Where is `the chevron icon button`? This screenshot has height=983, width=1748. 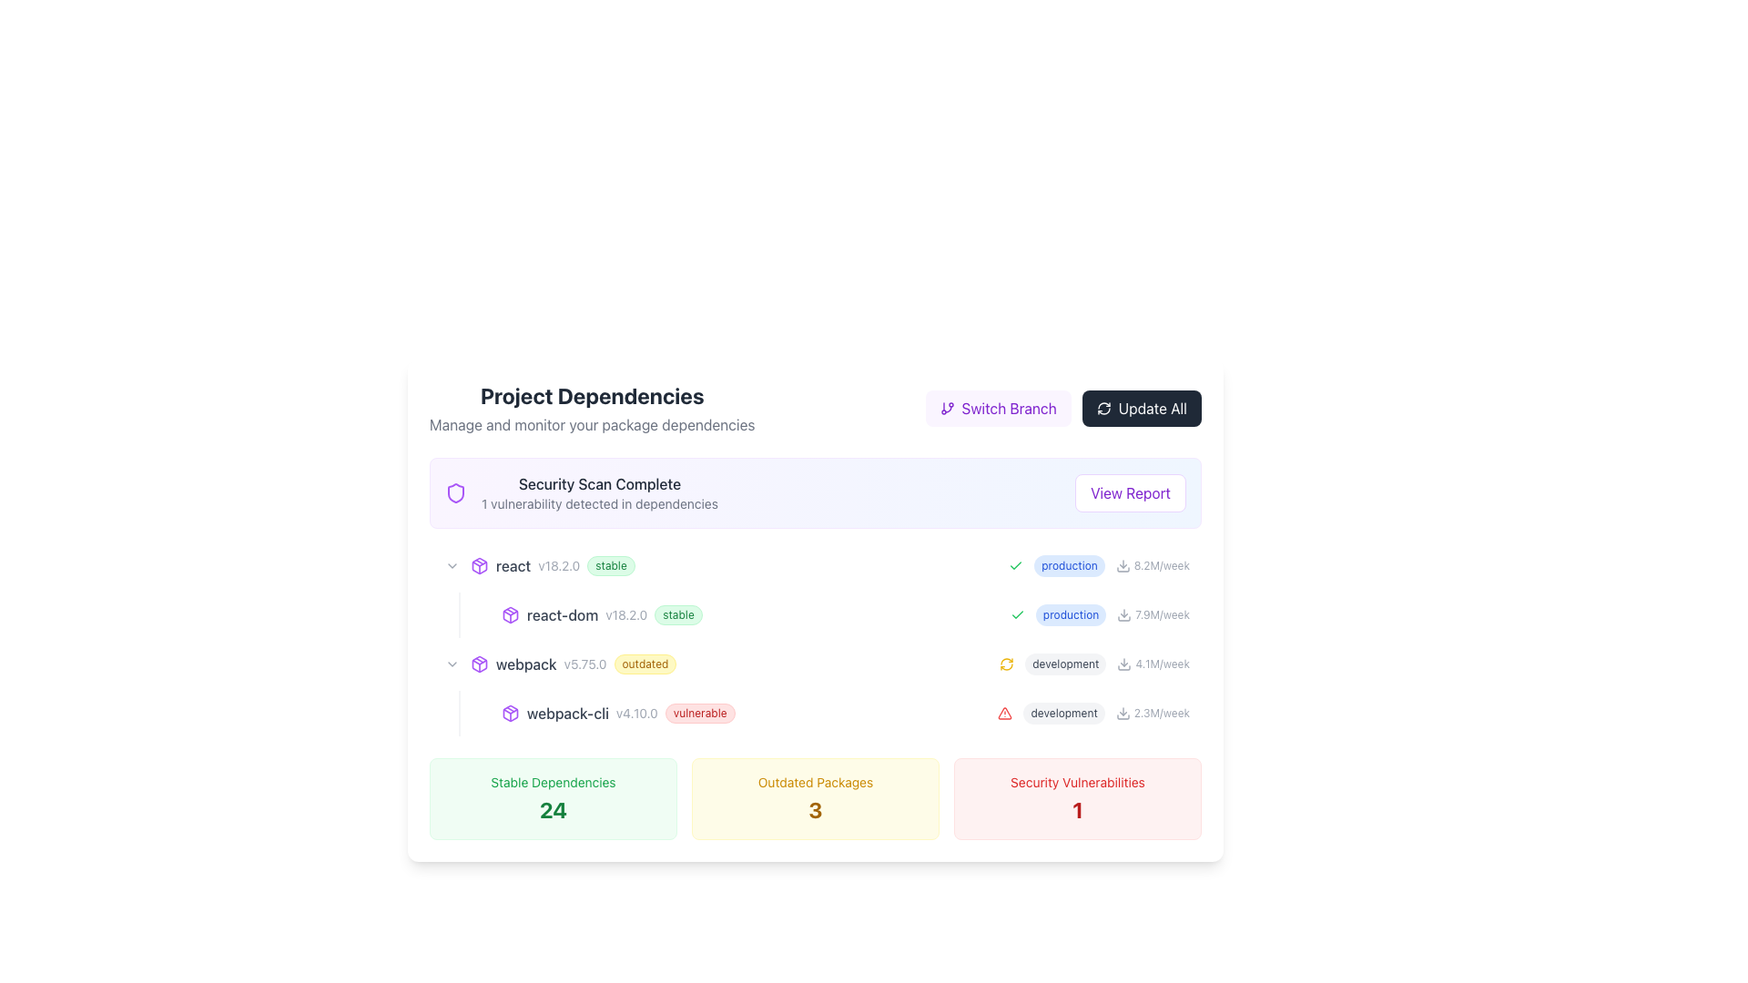 the chevron icon button is located at coordinates (452, 664).